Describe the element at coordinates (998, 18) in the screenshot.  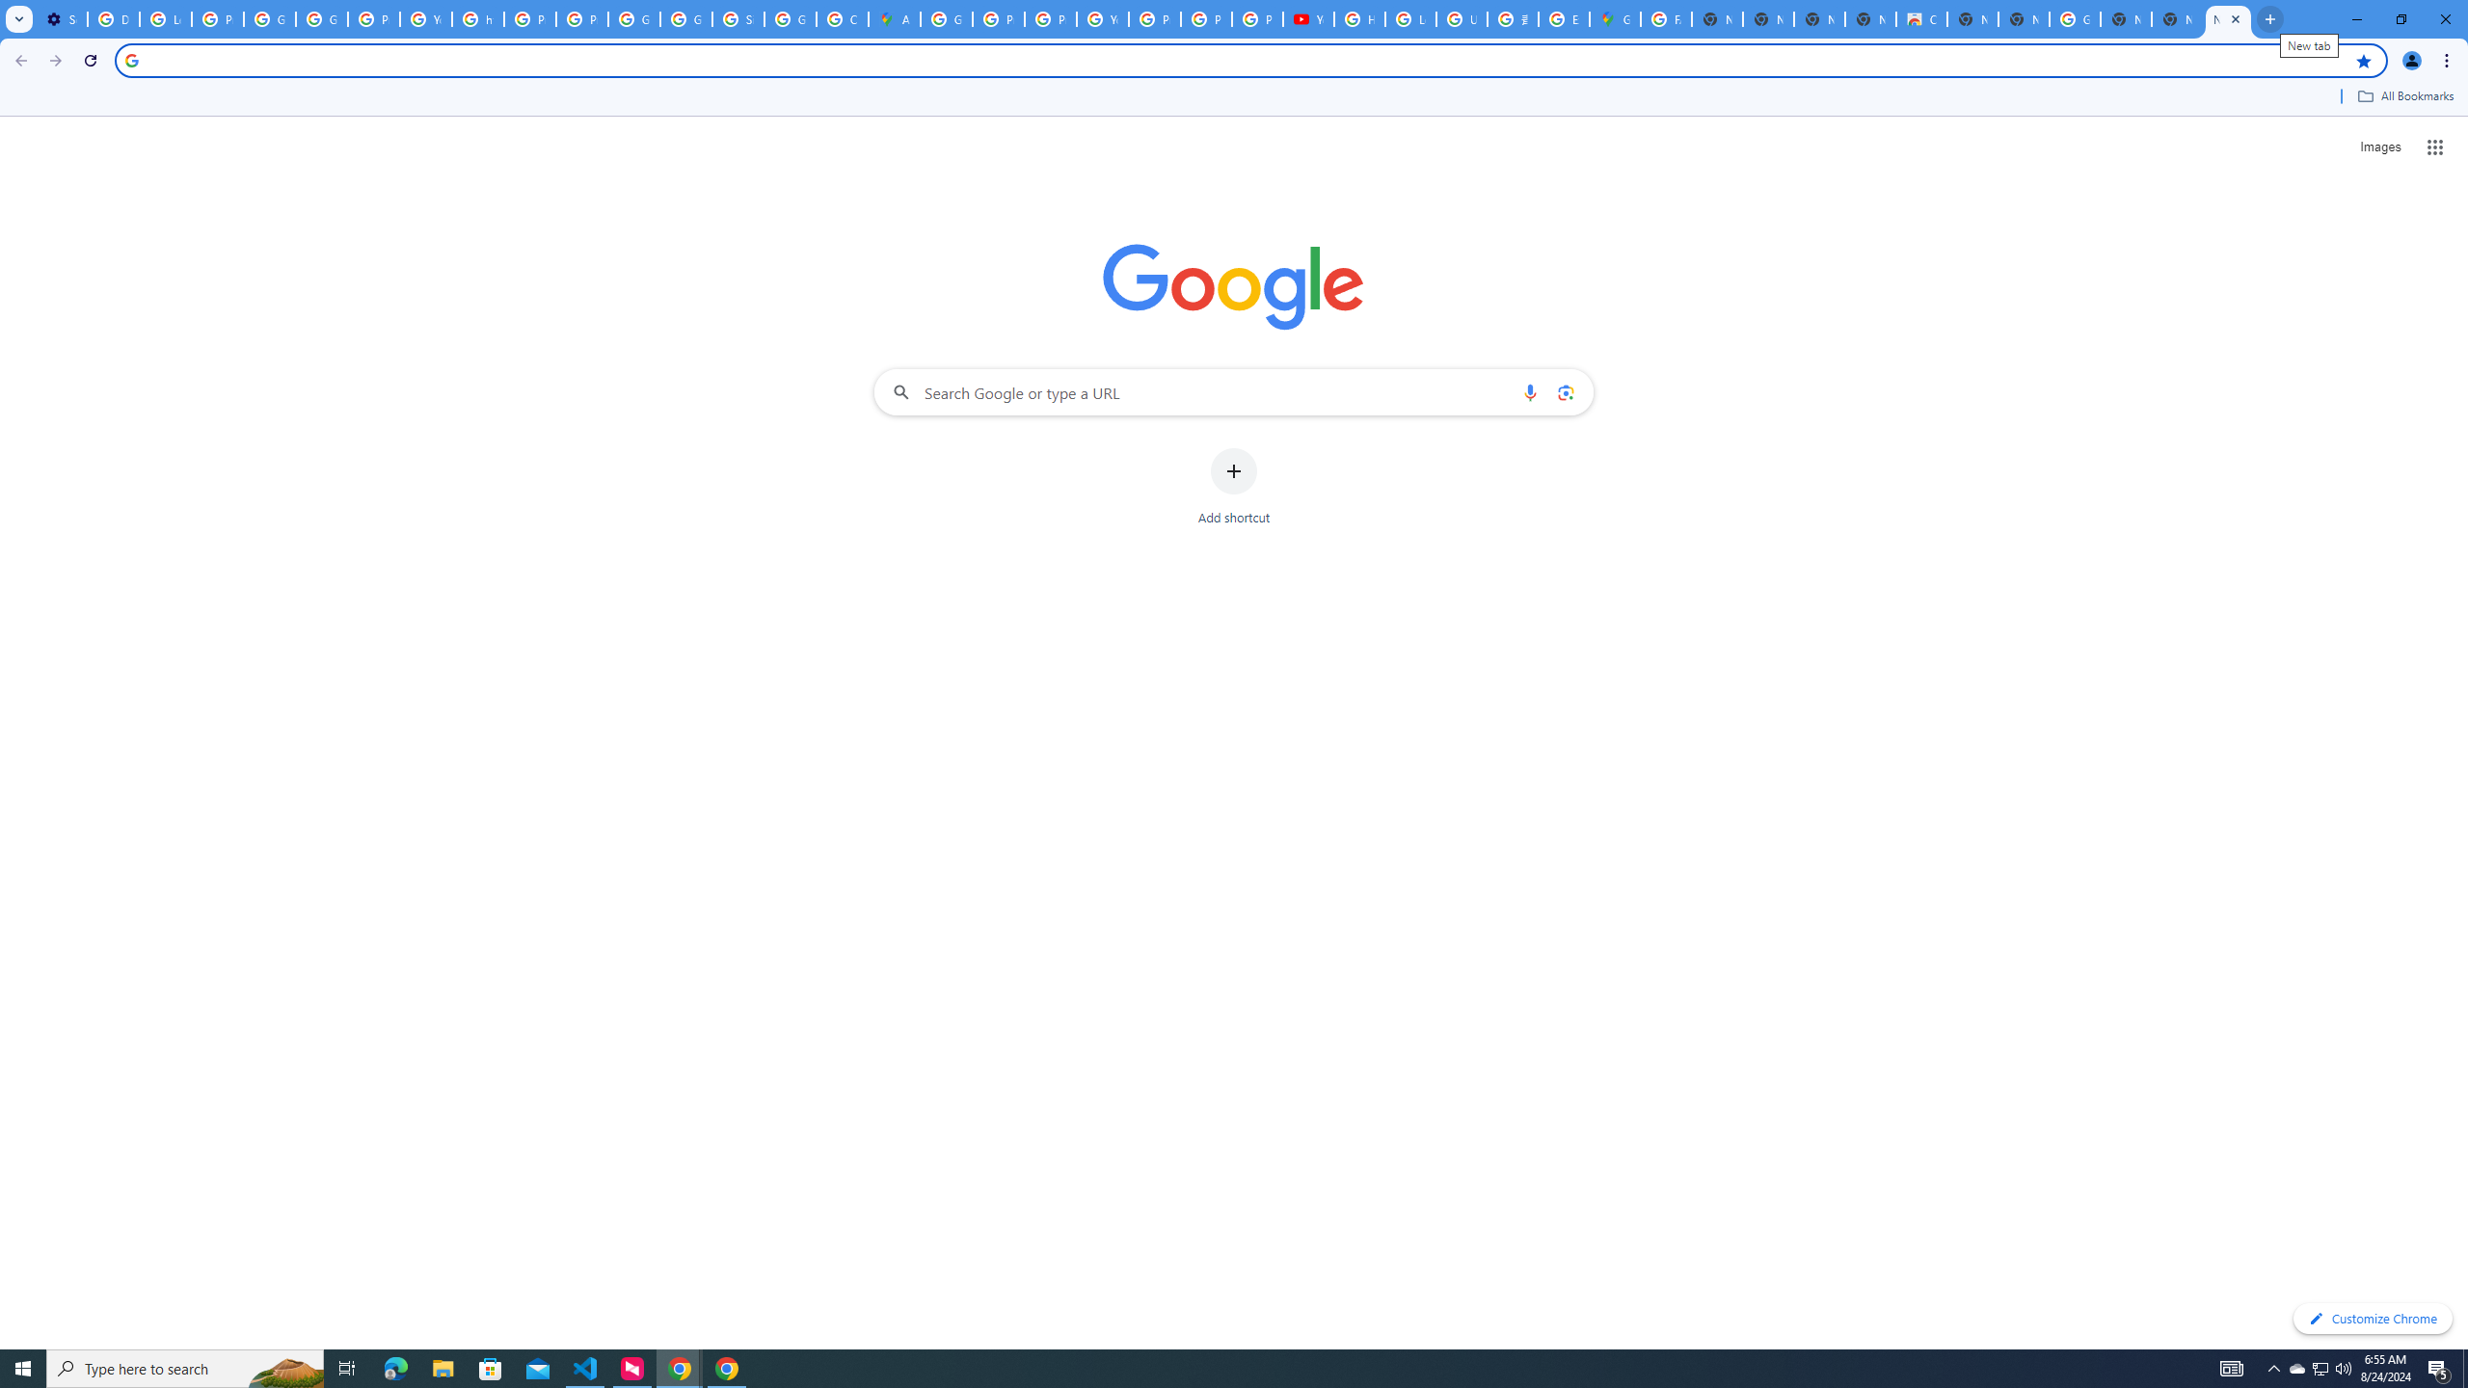
I see `'Privacy Help Center - Policies Help'` at that location.